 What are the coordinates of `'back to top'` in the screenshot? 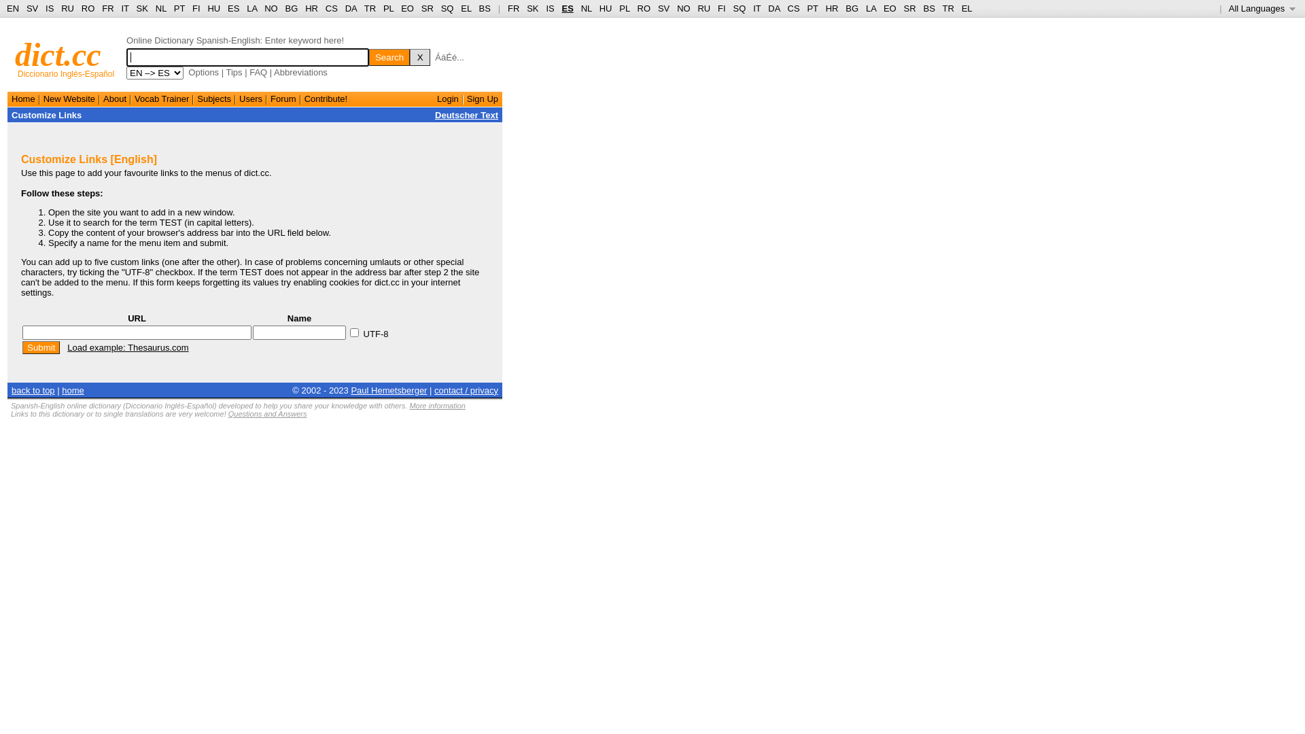 It's located at (33, 389).